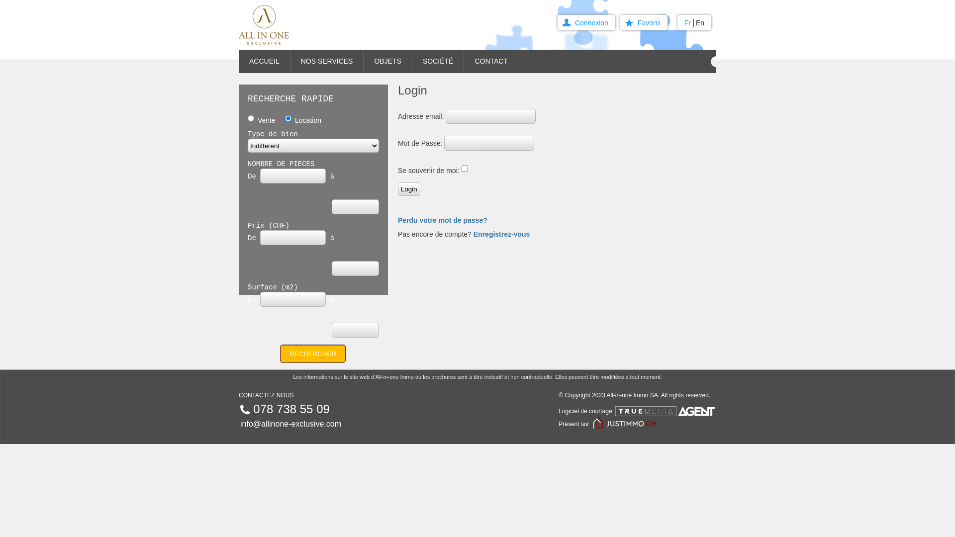 The height and width of the screenshot is (537, 955). I want to click on 'RECHERCHER', so click(312, 353).